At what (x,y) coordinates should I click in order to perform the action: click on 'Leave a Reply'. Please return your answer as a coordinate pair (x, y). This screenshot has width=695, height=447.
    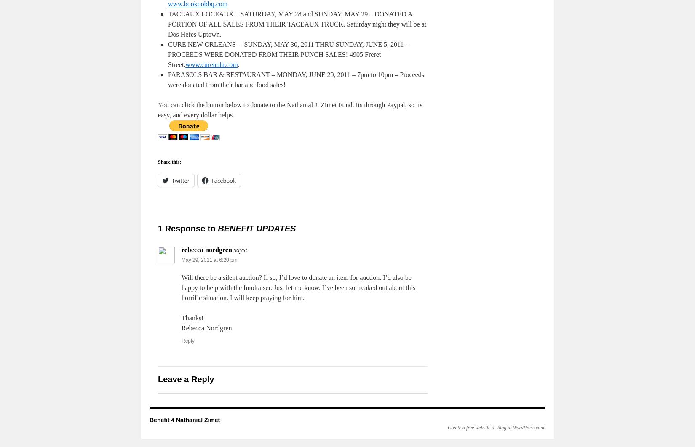
    Looking at the image, I should click on (185, 379).